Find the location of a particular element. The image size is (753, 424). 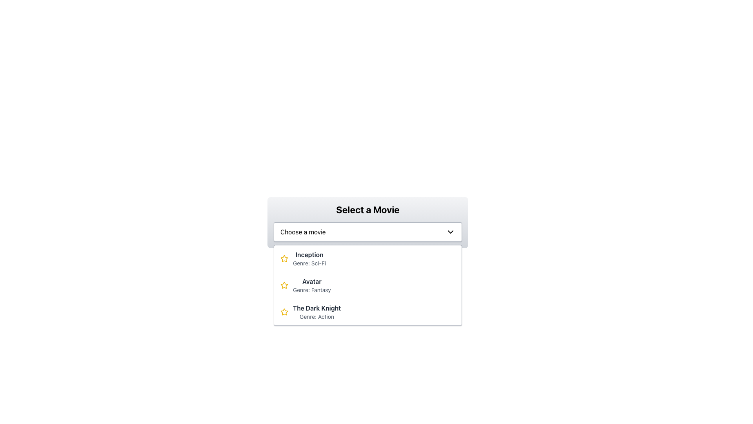

the first item in the dropdown list is located at coordinates (367, 259).